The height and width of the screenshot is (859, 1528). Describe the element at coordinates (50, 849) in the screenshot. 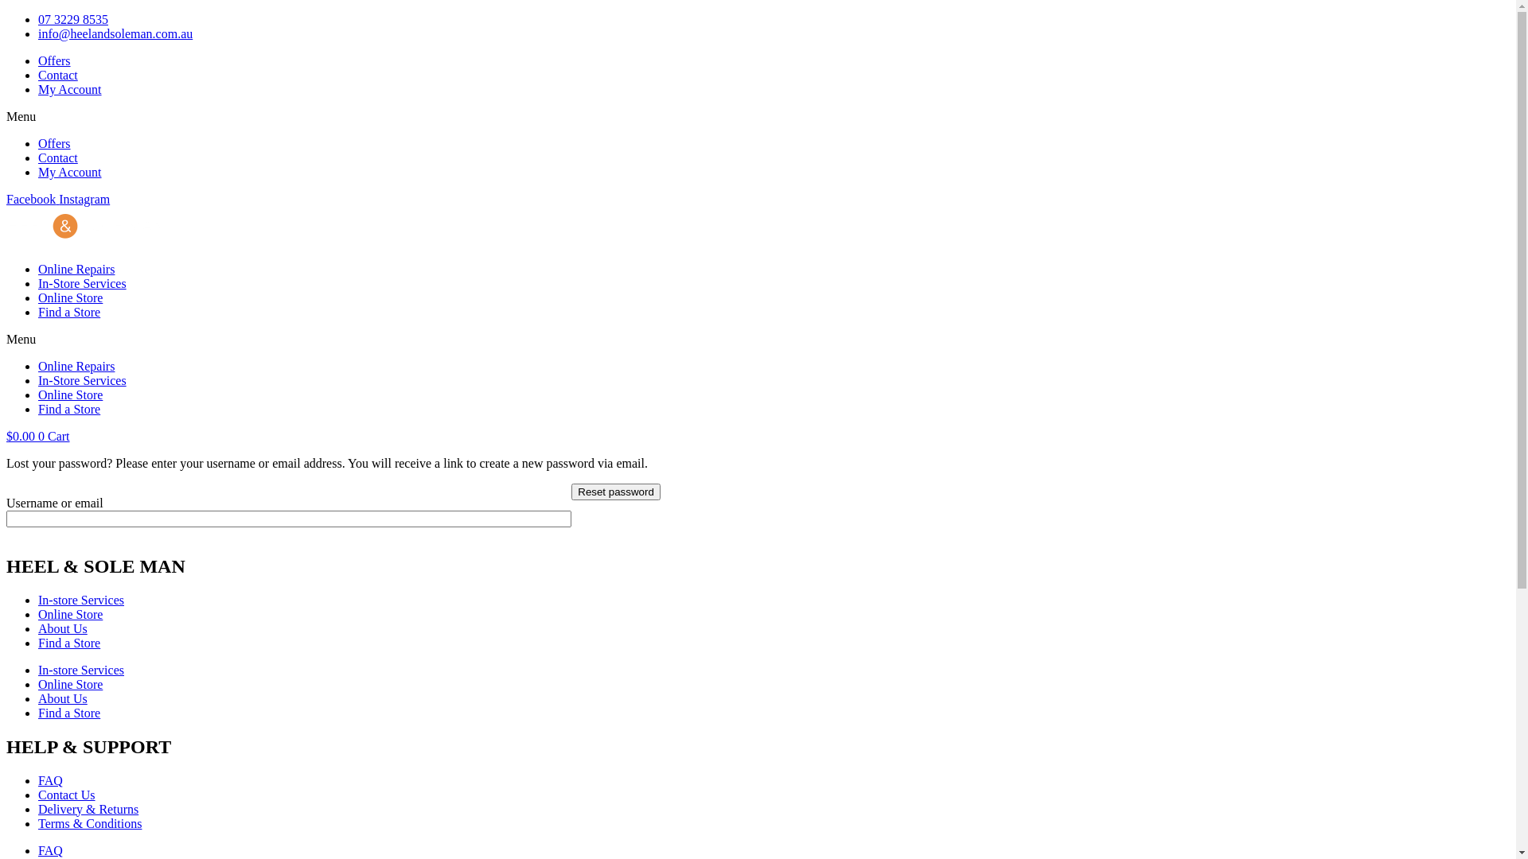

I see `'FAQ'` at that location.